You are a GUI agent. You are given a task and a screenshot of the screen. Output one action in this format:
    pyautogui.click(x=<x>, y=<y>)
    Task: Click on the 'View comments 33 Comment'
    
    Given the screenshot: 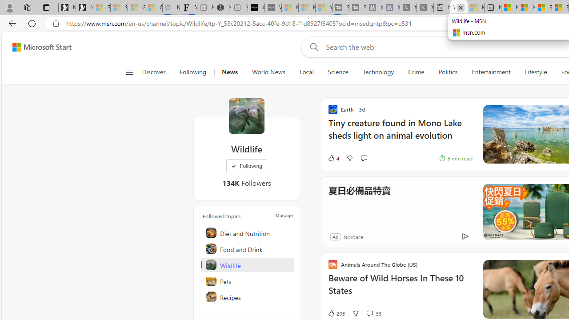 What is the action you would take?
    pyautogui.click(x=373, y=312)
    